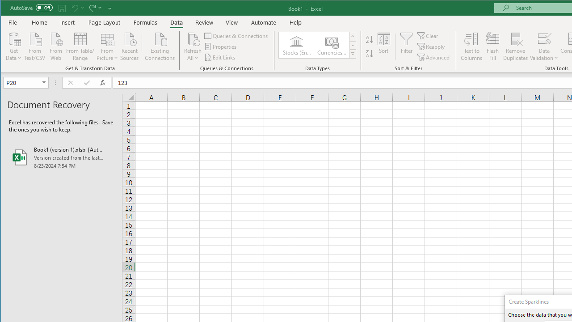 Image resolution: width=572 pixels, height=322 pixels. I want to click on 'Sort Smallest to Largest', so click(370, 39).